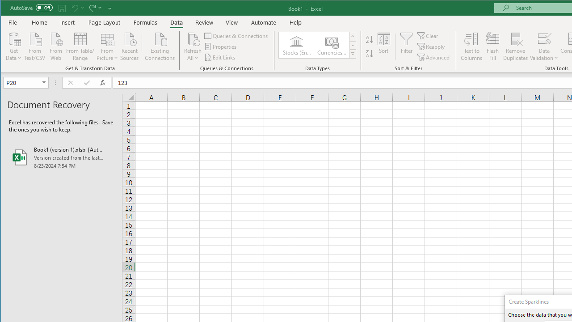 Image resolution: width=572 pixels, height=322 pixels. I want to click on 'Sort Smallest to Largest', so click(370, 39).